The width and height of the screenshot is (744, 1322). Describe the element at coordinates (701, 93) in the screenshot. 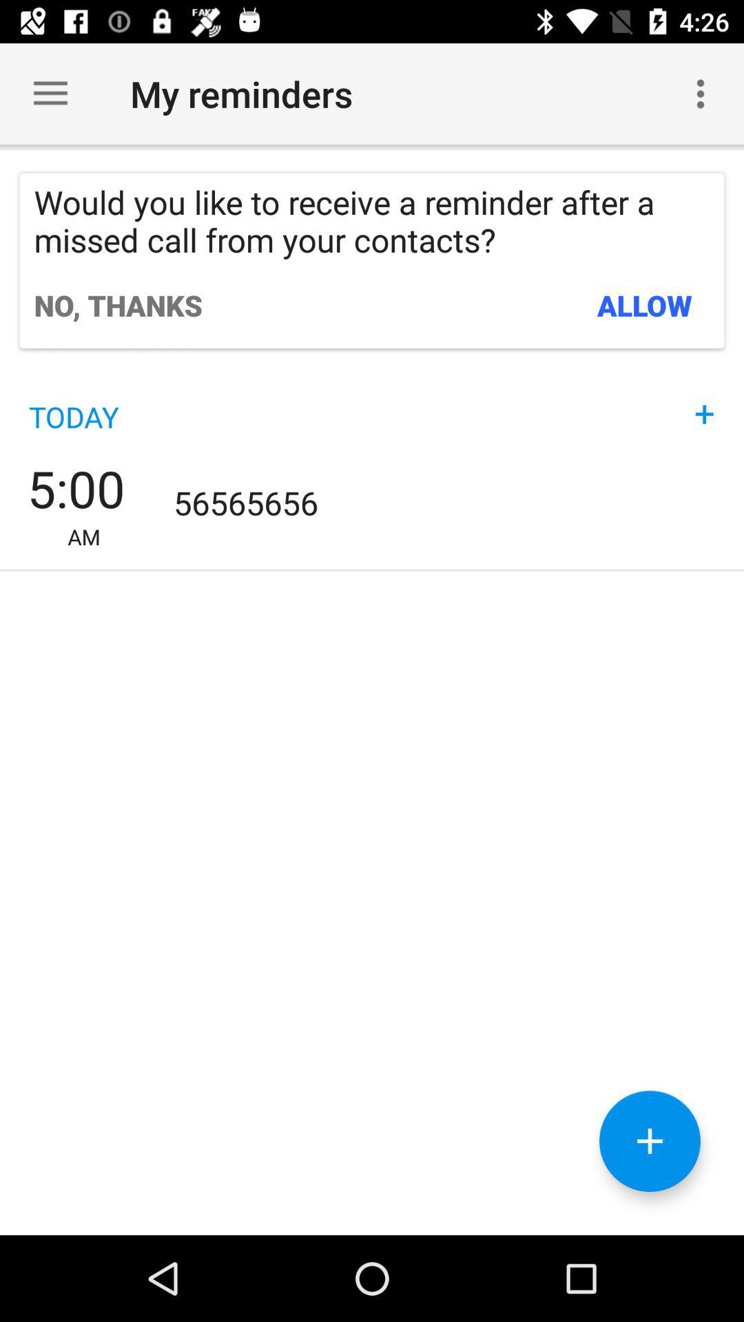

I see `item to the right of the my reminders icon` at that location.